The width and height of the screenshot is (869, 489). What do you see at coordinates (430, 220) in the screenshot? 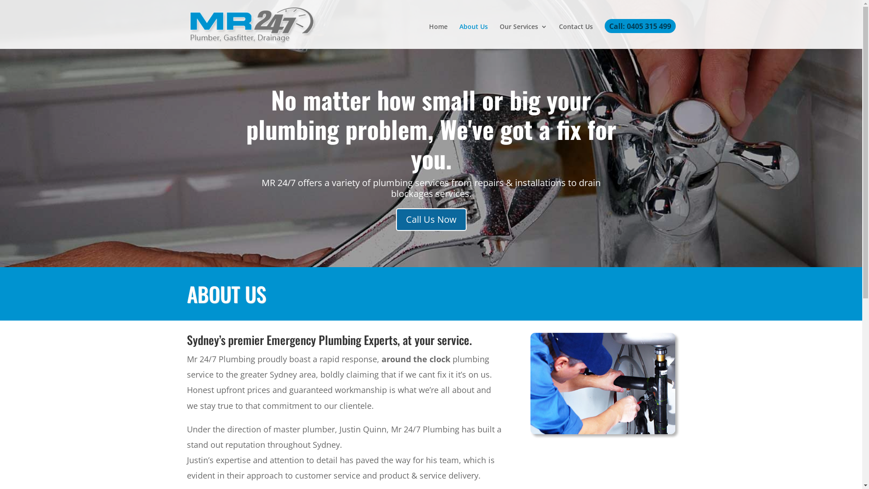
I see `'Call Us Now'` at bounding box center [430, 220].